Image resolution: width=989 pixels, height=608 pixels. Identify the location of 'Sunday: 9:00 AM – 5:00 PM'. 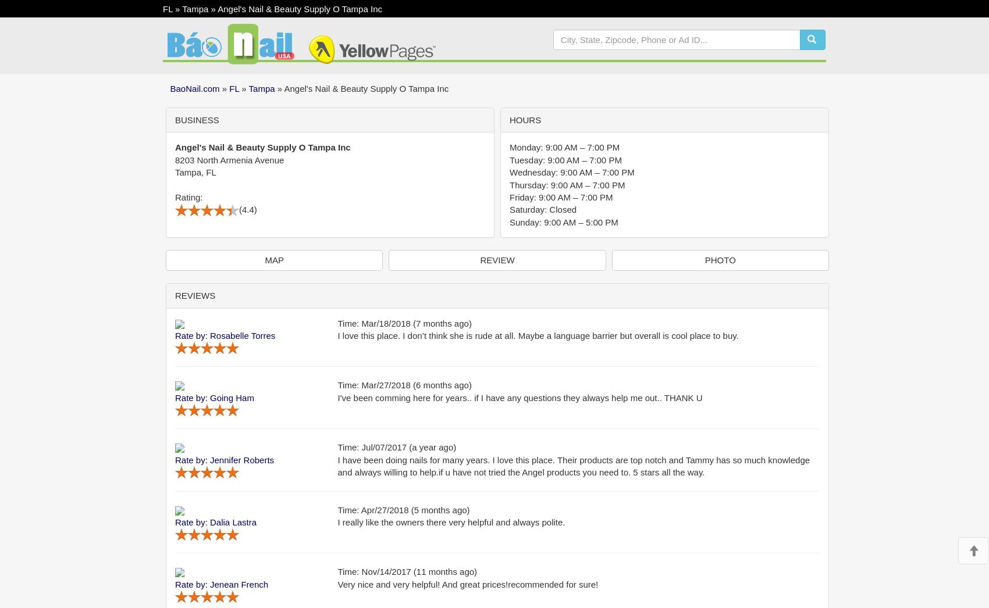
(510, 221).